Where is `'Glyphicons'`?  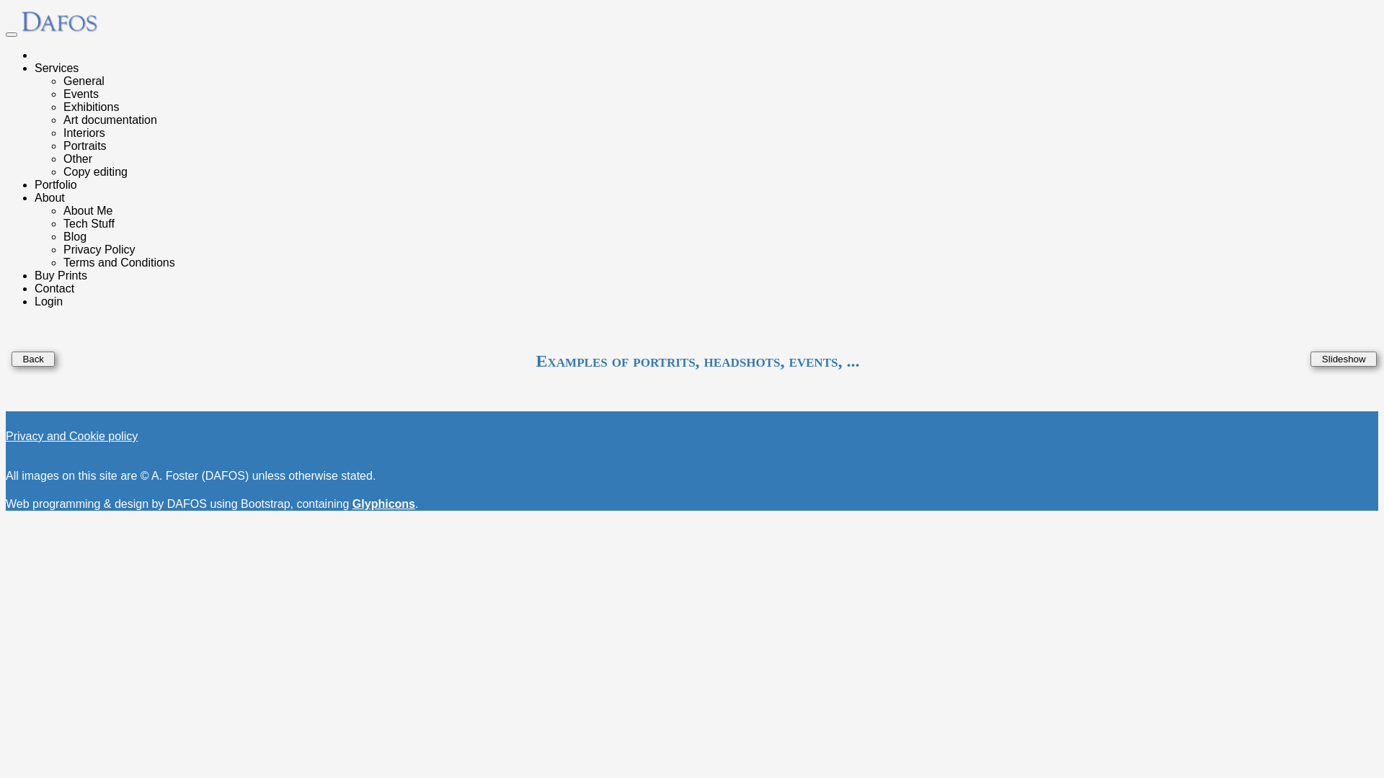
'Glyphicons' is located at coordinates (383, 503).